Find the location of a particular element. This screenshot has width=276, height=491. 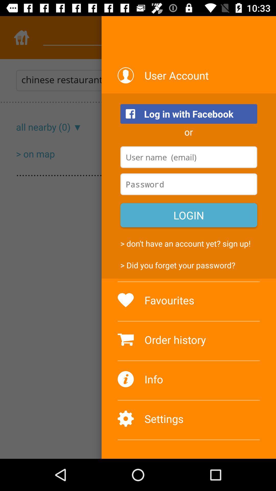

the home icon is located at coordinates (21, 37).